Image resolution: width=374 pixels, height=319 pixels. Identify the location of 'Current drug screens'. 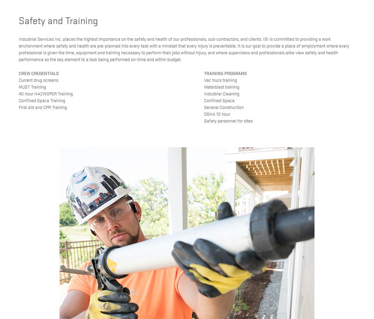
(38, 80).